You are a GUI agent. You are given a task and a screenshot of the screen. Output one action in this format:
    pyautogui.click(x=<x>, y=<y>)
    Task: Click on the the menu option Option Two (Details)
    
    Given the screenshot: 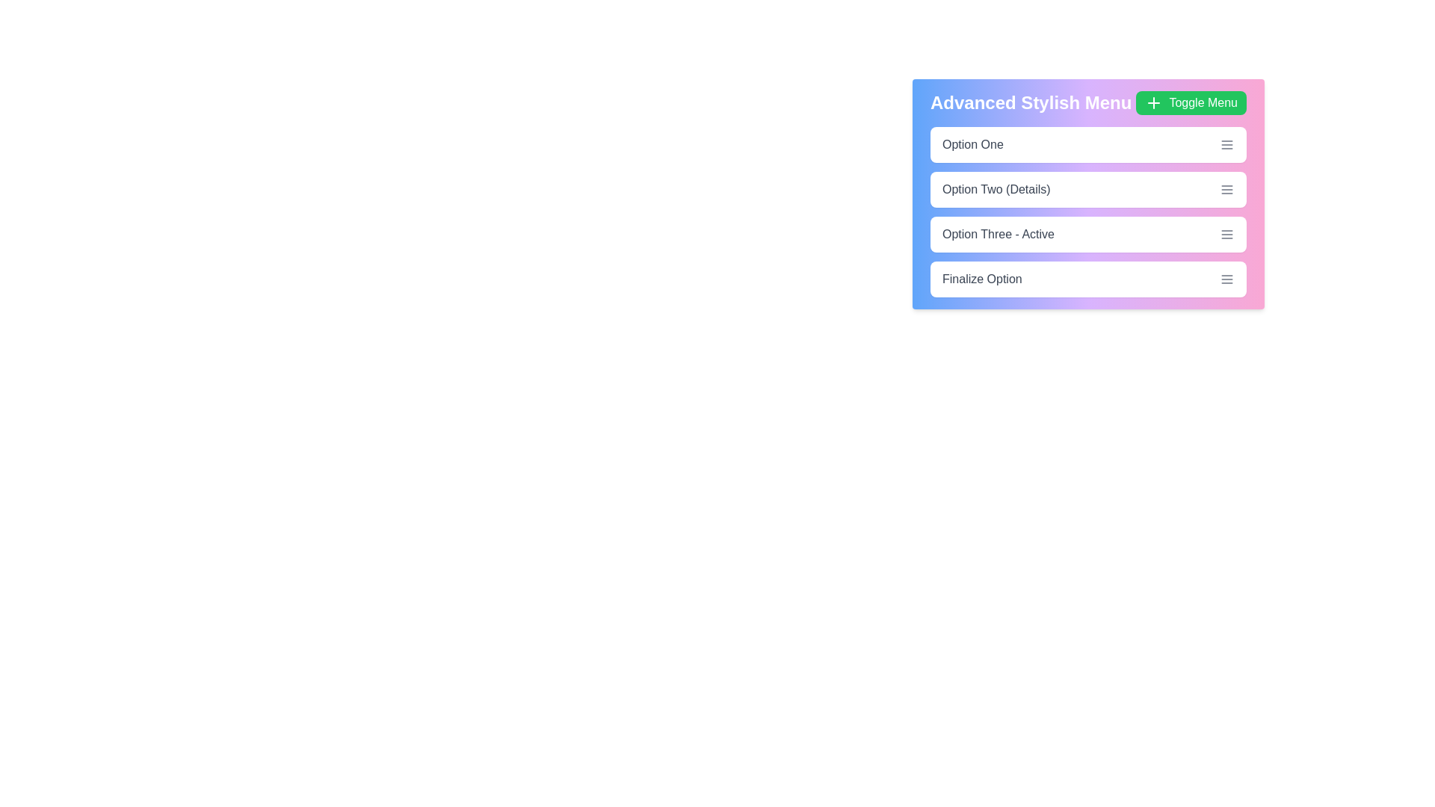 What is the action you would take?
    pyautogui.click(x=1088, y=189)
    